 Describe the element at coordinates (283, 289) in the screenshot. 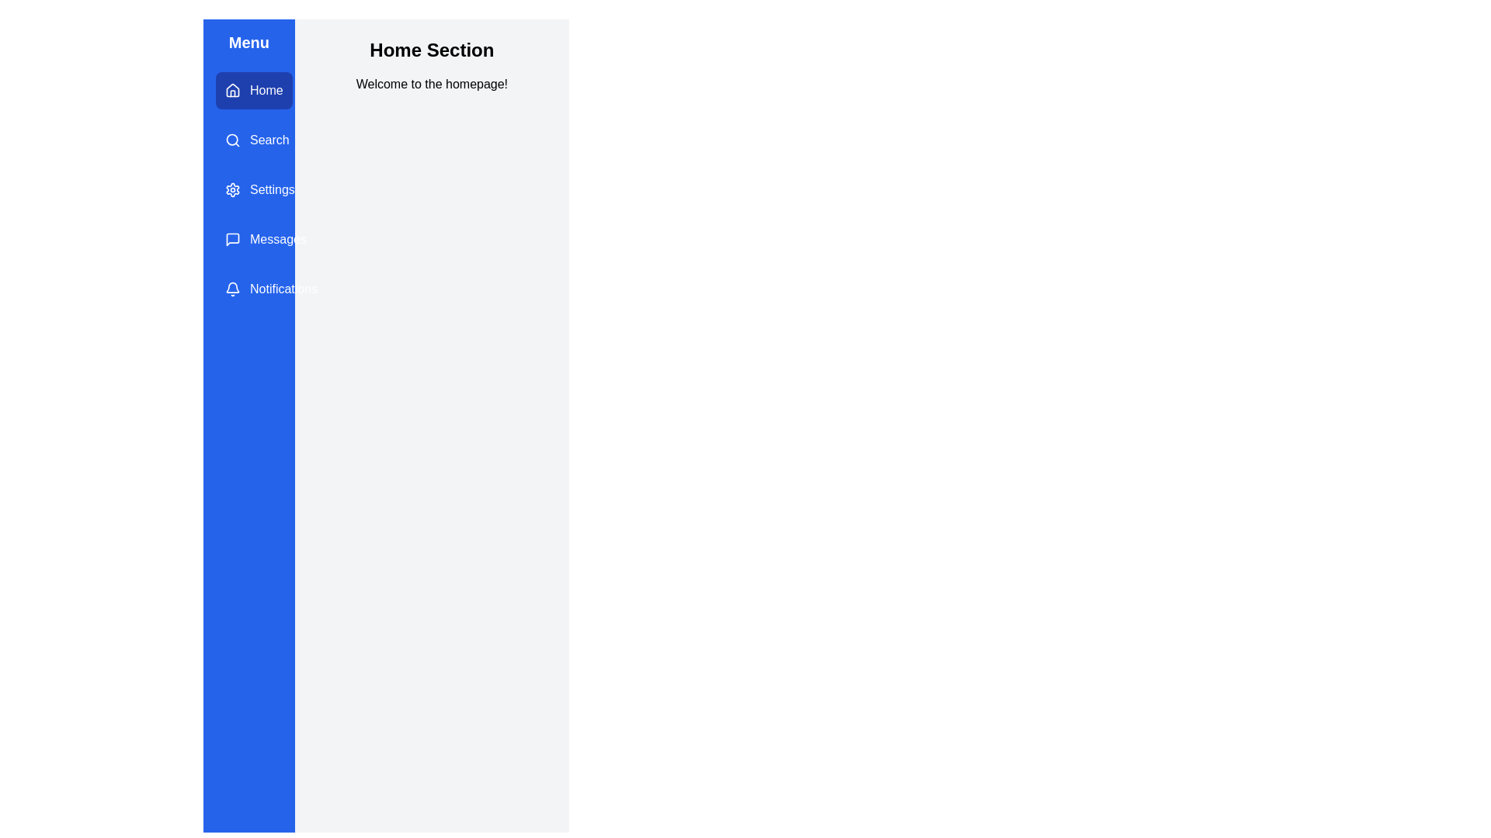

I see `the 'Notifications' label which indicates the section for user notifications or alerts, located to the right of the bell icon in the vertical navigation menu` at that location.